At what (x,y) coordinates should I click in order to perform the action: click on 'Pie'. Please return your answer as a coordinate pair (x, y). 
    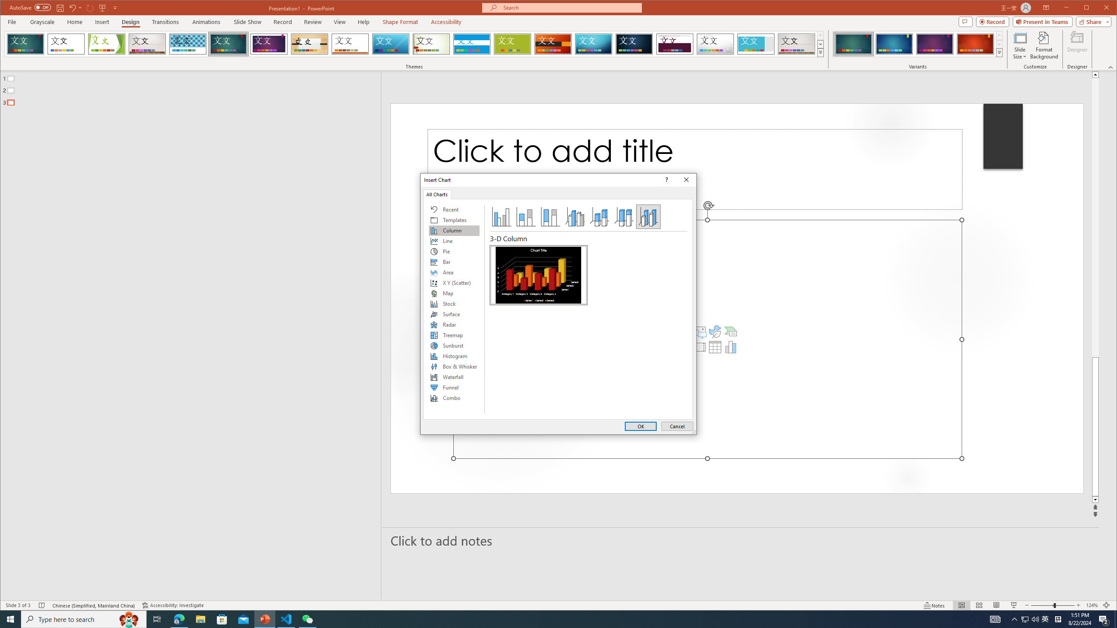
    Looking at the image, I should click on (453, 251).